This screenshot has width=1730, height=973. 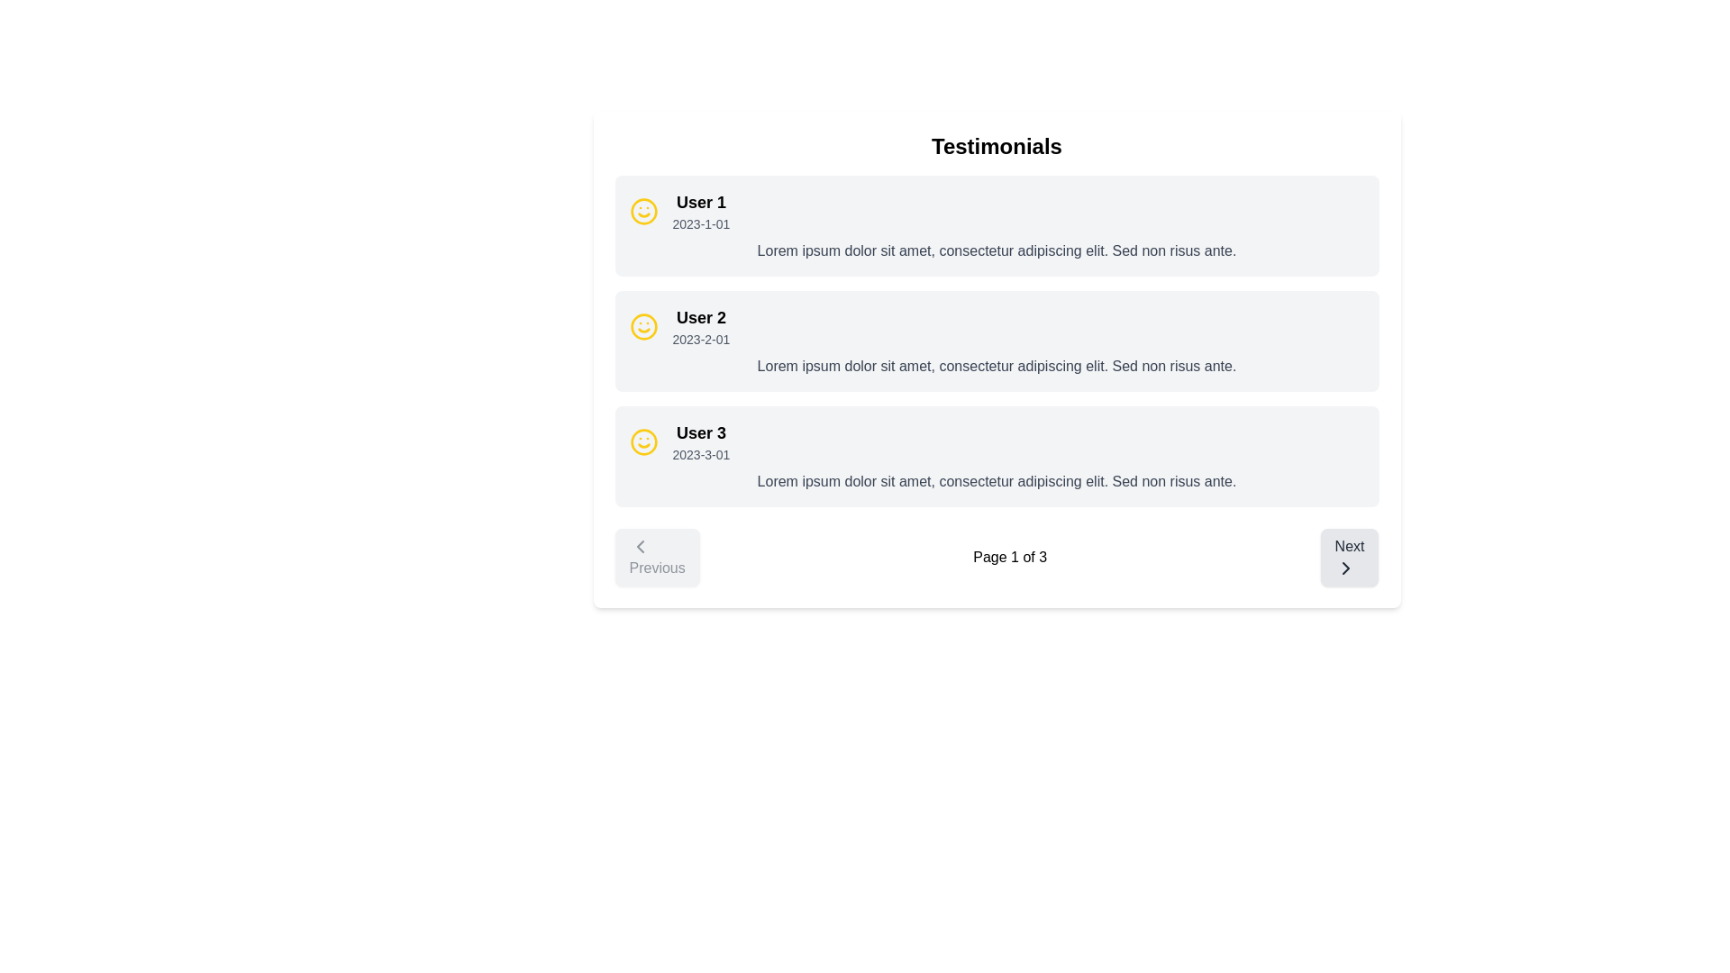 I want to click on the chevron-left icon located inside the 'Previous' button, which is positioned below a list of testimonials, so click(x=640, y=545).